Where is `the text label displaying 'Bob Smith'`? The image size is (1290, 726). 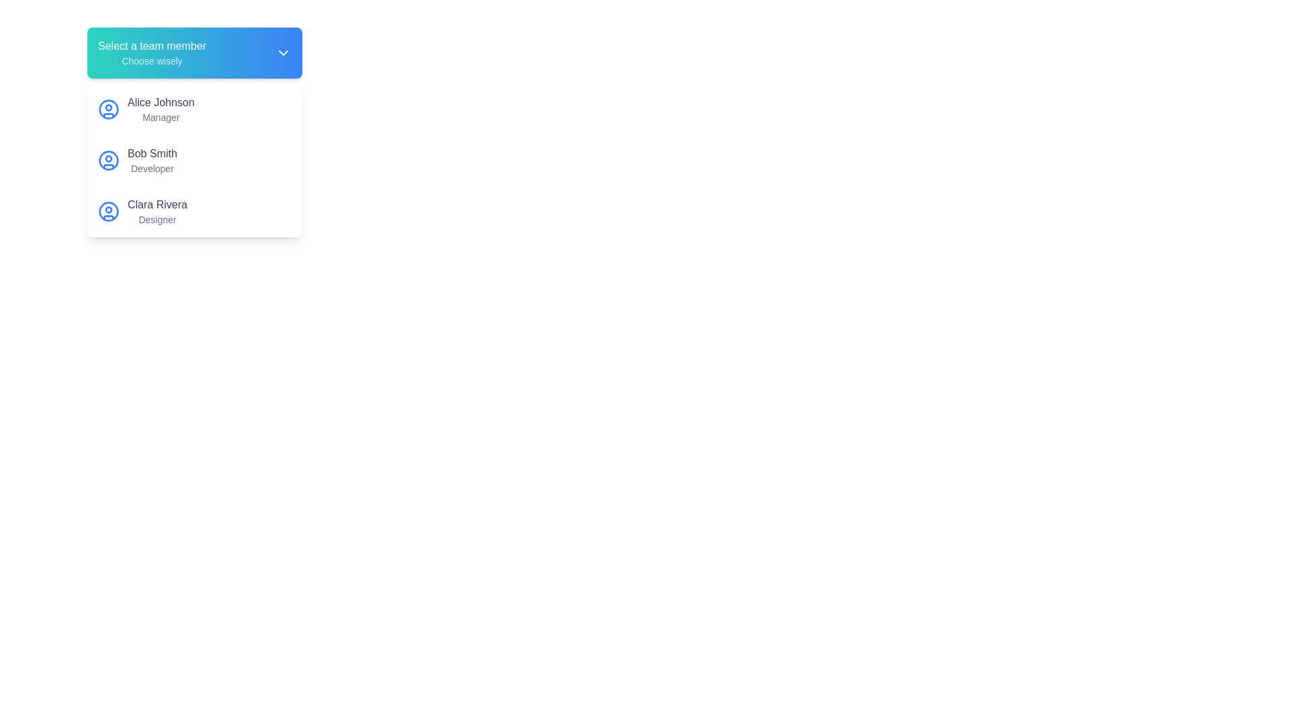 the text label displaying 'Bob Smith' is located at coordinates (152, 160).